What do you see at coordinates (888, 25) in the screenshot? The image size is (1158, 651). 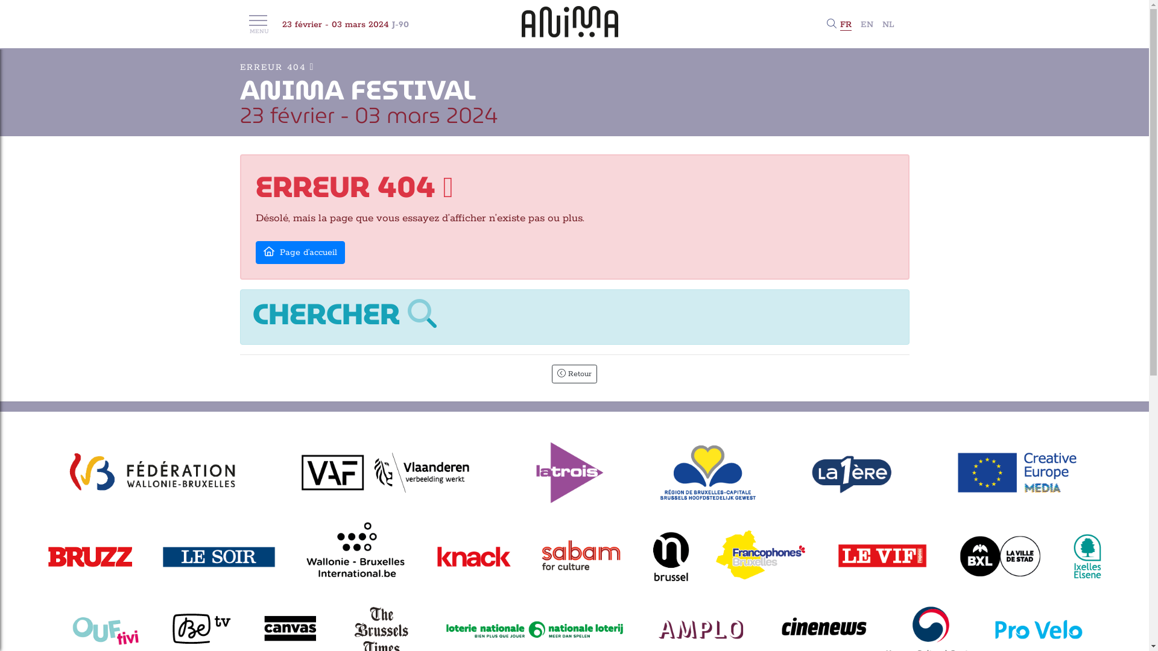 I see `'NL'` at bounding box center [888, 25].